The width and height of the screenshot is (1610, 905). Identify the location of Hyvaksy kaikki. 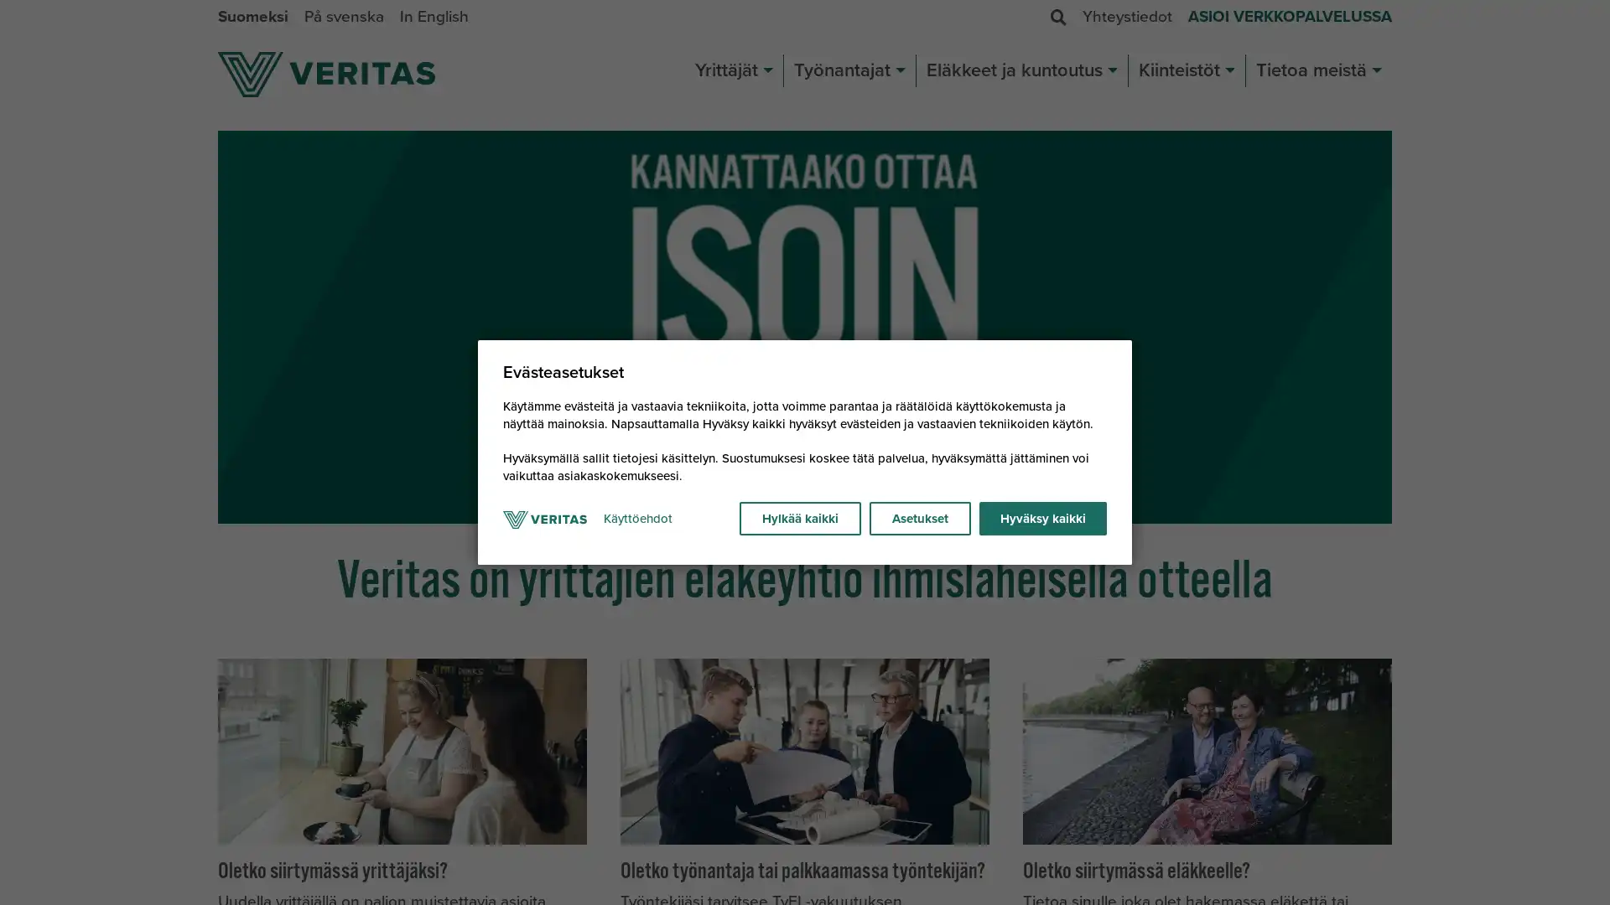
(1041, 517).